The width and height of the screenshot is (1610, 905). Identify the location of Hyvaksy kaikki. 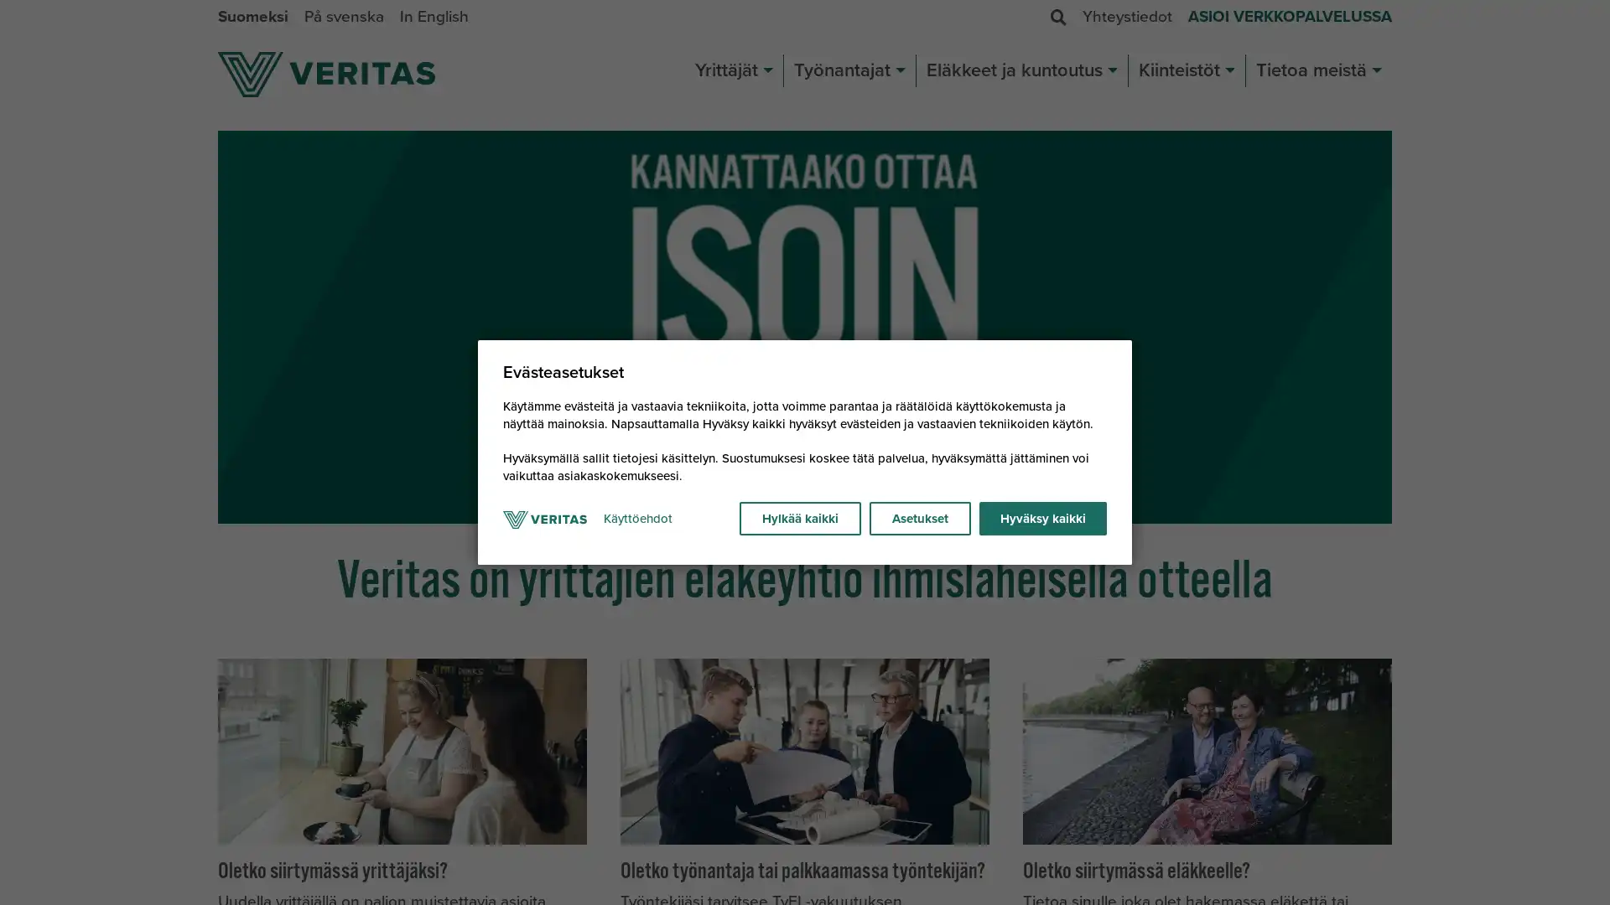
(1041, 517).